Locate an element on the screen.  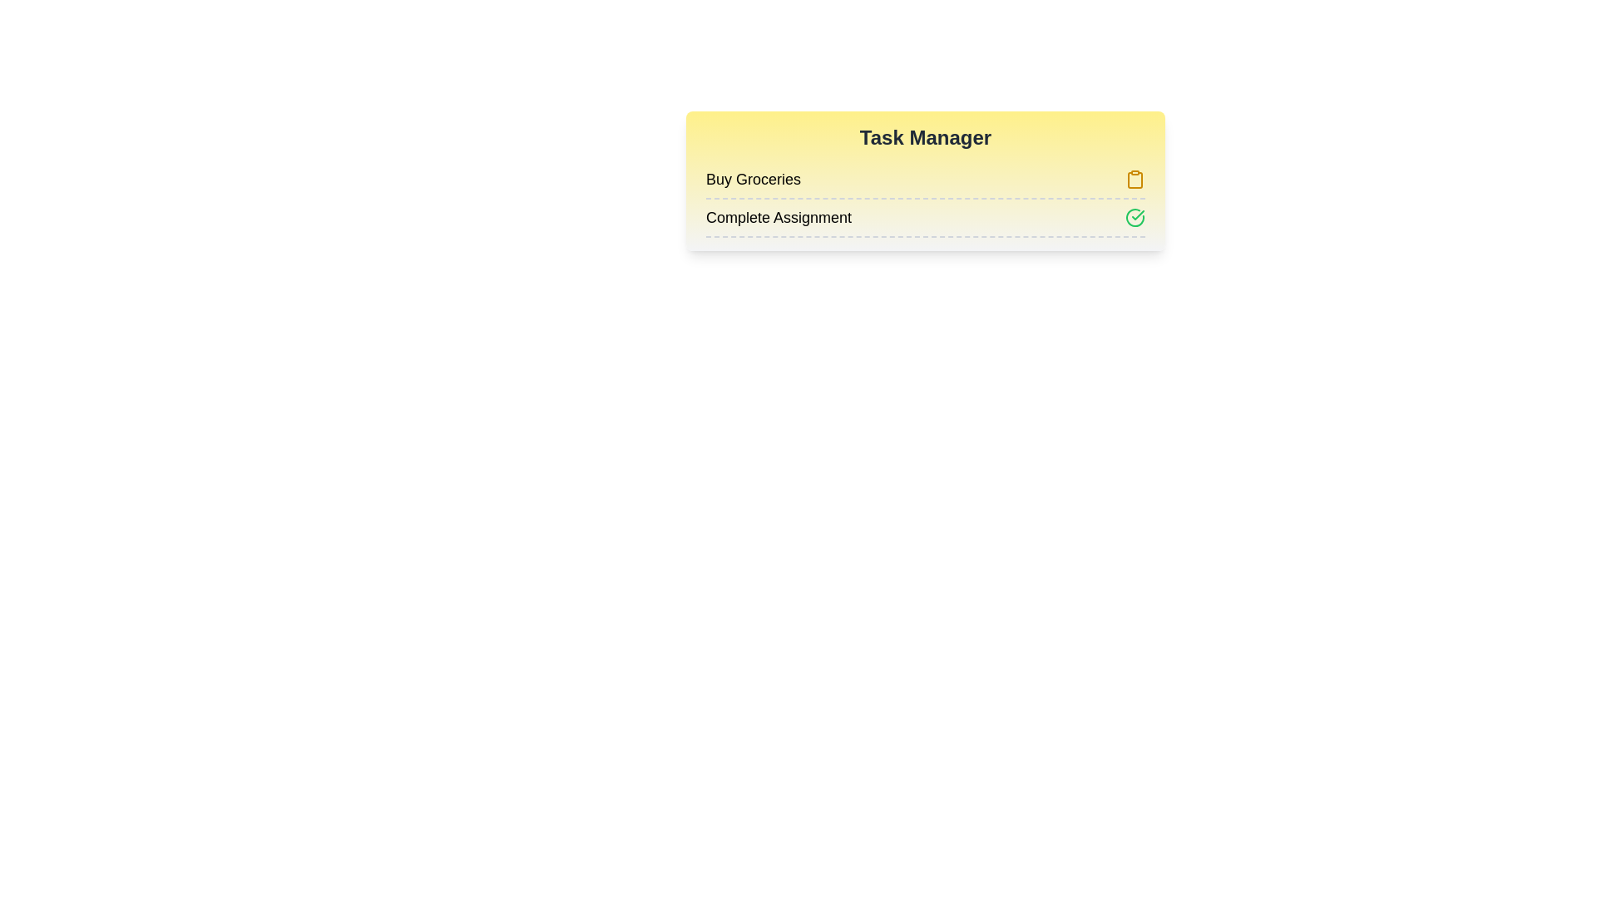
tasks listed in the 'Task Manager' panel, which contains a bold title and two vertically stacked task items: 'Buy Groceries' and 'Complete Assignment.' is located at coordinates (925, 181).